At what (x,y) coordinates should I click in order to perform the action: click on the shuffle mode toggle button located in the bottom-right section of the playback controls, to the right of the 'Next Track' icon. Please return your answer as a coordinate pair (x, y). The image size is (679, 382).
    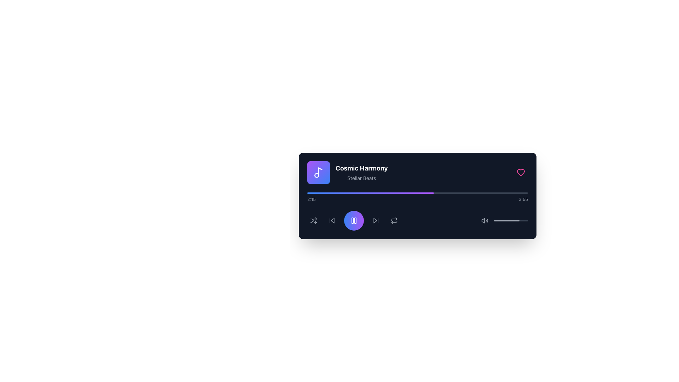
    Looking at the image, I should click on (313, 220).